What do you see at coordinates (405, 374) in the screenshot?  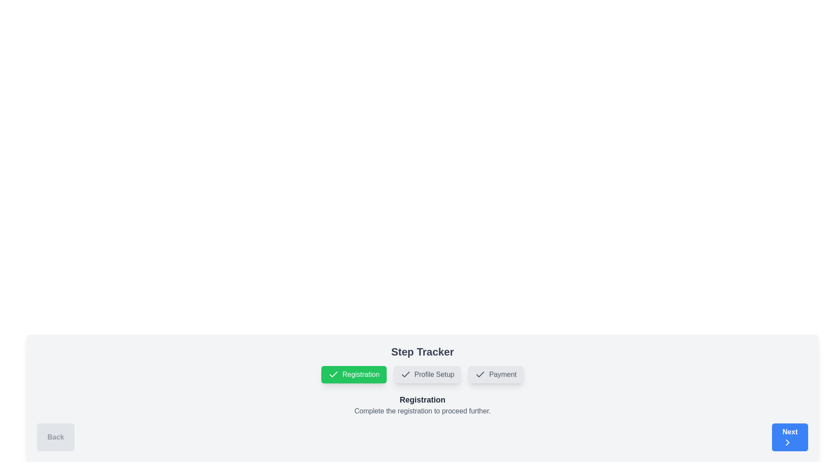 I see `the 'Profile Setup' icon within the Step Tracker` at bounding box center [405, 374].